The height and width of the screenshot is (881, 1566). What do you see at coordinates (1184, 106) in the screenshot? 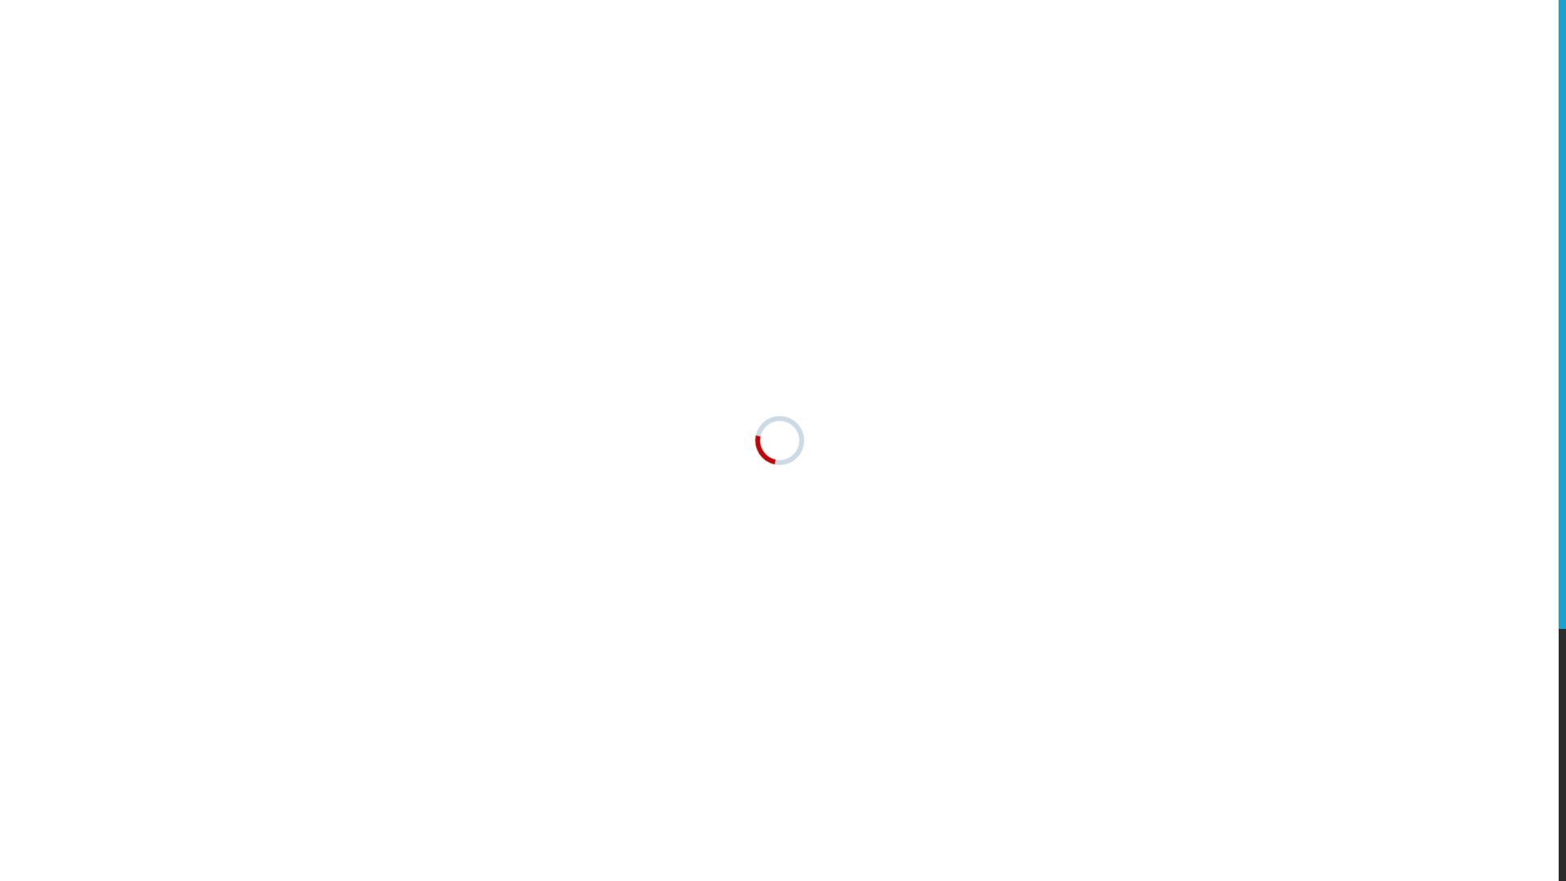
I see `'+375 29 675-62-00'` at bounding box center [1184, 106].